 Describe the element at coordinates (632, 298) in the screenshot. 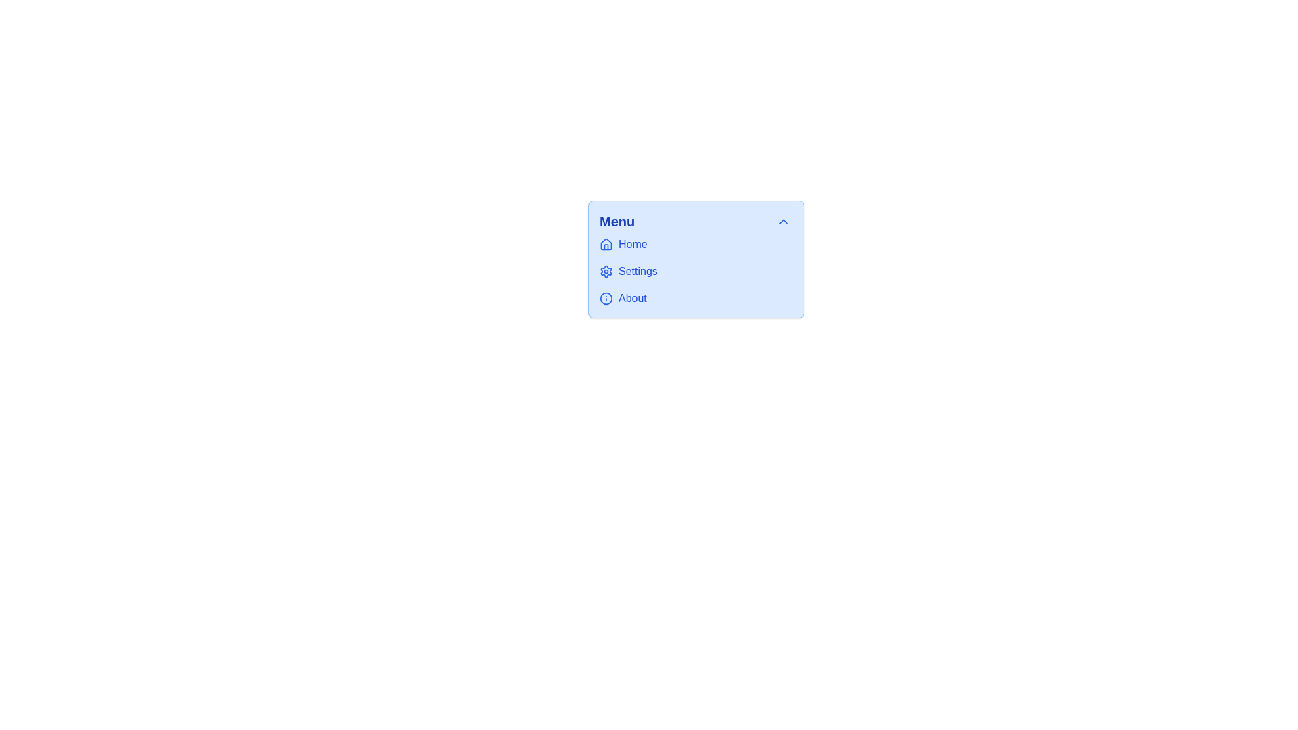

I see `text displayed as 'About' in the menu list, which is styled in medium blue font and slightly bold, located below the 'Settings' item` at that location.